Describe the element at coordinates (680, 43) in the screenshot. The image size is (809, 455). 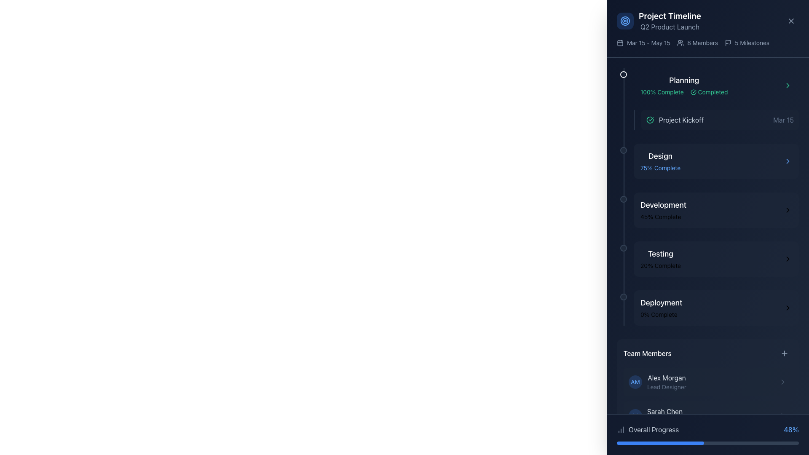
I see `the group of people icon located in the header section, adjacent to the '8 Members' text` at that location.